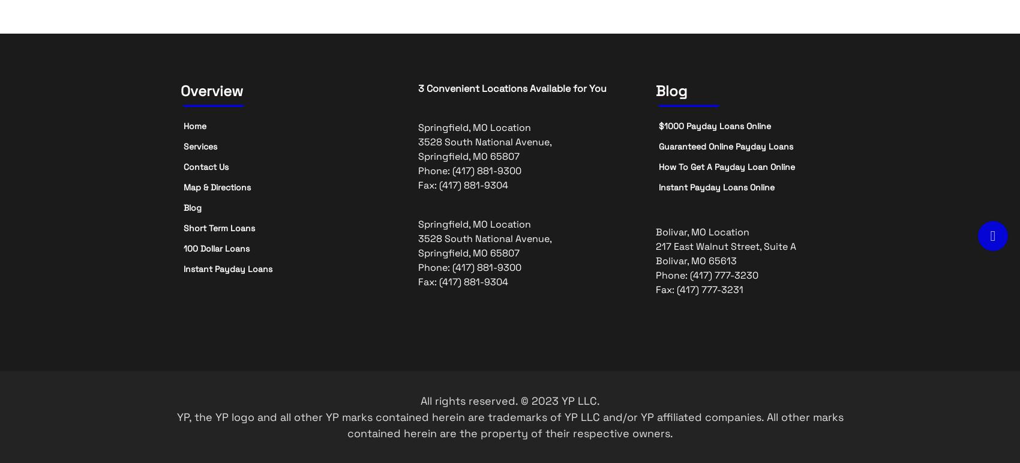  What do you see at coordinates (726, 166) in the screenshot?
I see `'How To Get A Payday Loan Online'` at bounding box center [726, 166].